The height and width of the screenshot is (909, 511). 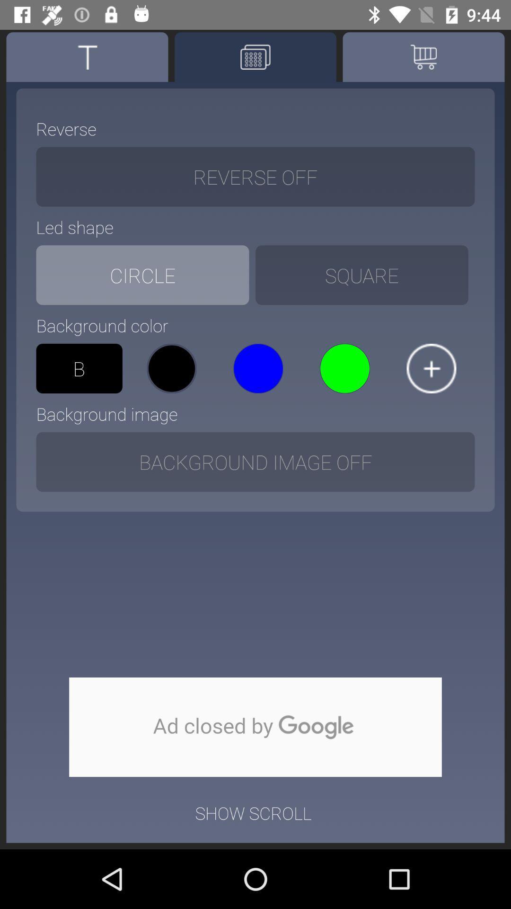 What do you see at coordinates (431, 368) in the screenshot?
I see `new color` at bounding box center [431, 368].